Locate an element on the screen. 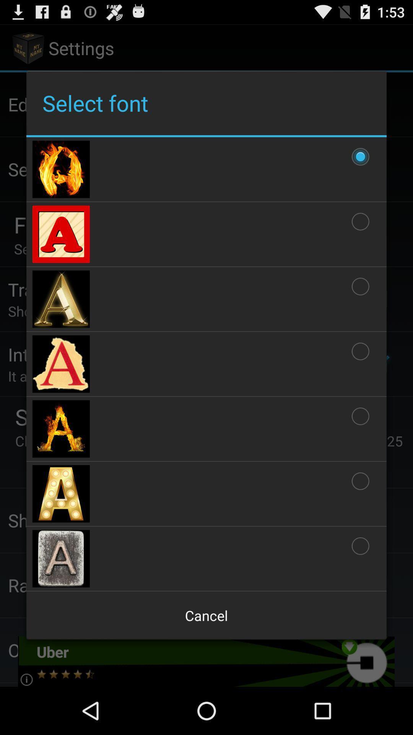  the app below is located at coordinates (206, 616).